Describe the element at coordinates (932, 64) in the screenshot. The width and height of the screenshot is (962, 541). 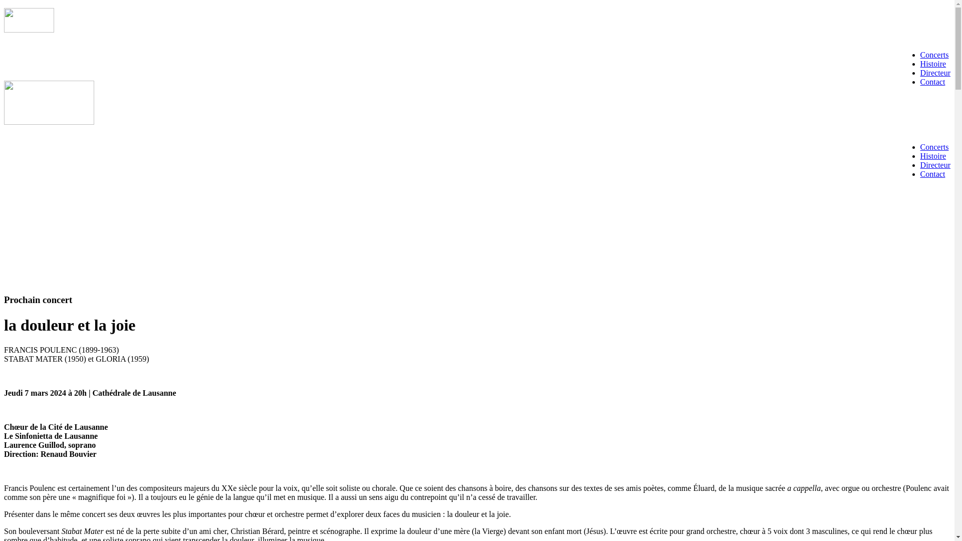
I see `'Histoire'` at that location.